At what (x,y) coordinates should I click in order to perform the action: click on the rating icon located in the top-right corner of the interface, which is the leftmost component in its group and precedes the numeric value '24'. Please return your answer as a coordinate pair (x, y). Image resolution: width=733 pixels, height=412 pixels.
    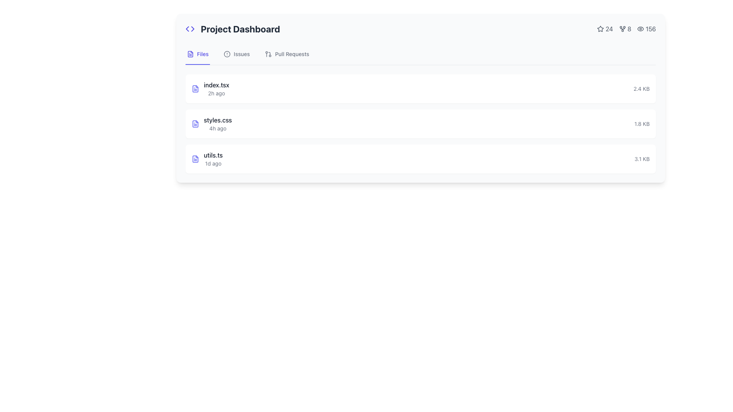
    Looking at the image, I should click on (600, 29).